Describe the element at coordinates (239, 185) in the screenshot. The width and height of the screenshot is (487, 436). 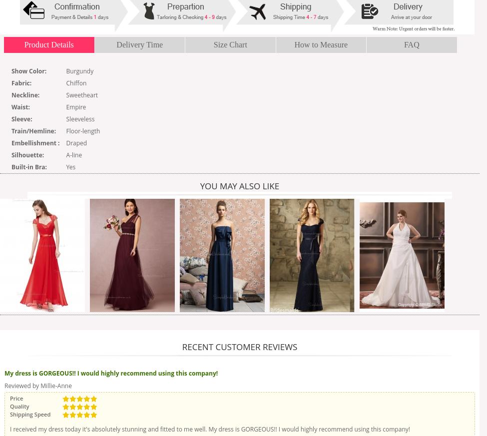
I see `'You may also like'` at that location.